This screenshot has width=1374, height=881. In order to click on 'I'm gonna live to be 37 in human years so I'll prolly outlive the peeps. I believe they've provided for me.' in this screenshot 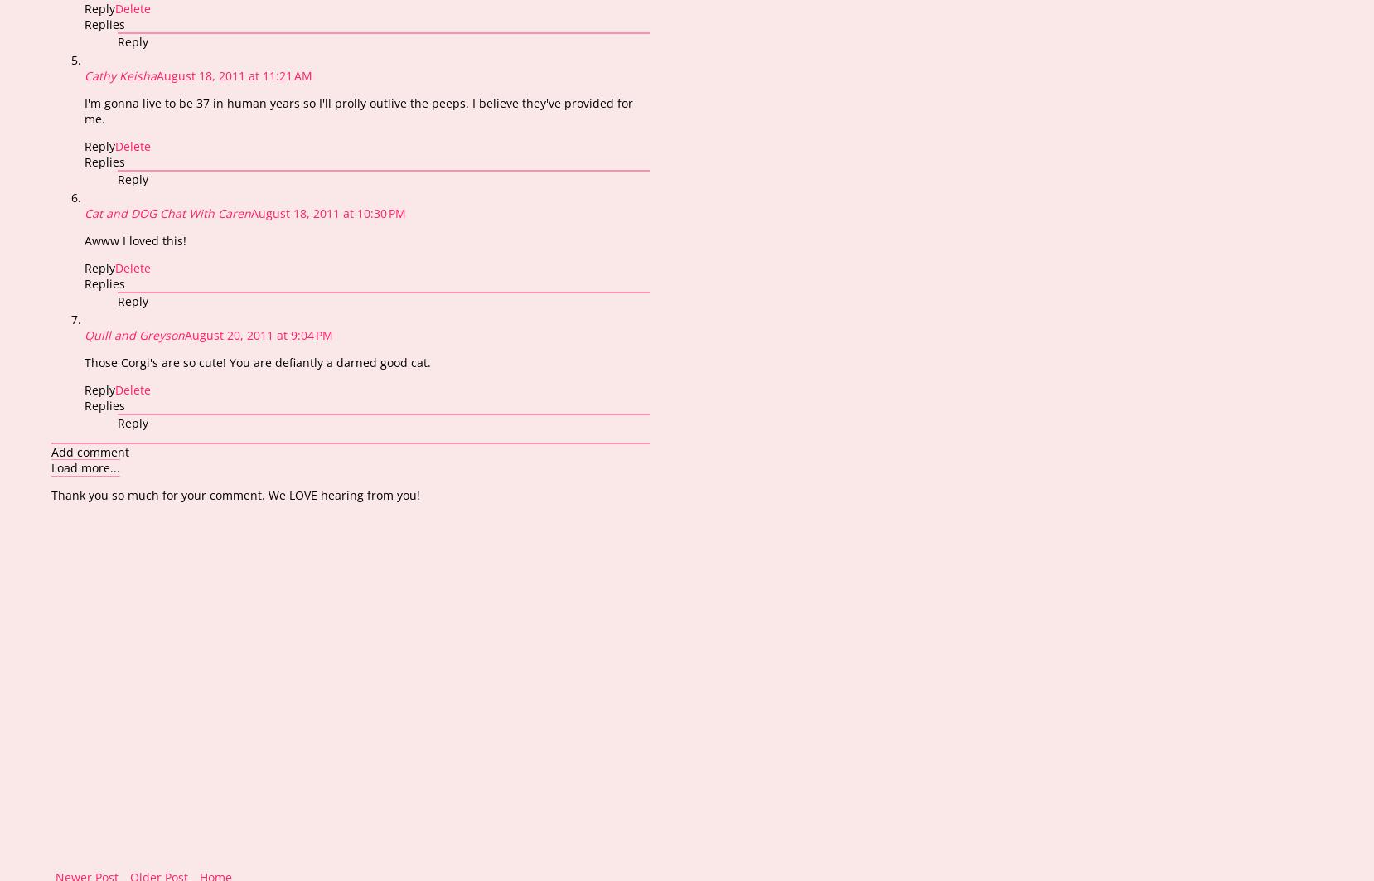, I will do `click(83, 111)`.